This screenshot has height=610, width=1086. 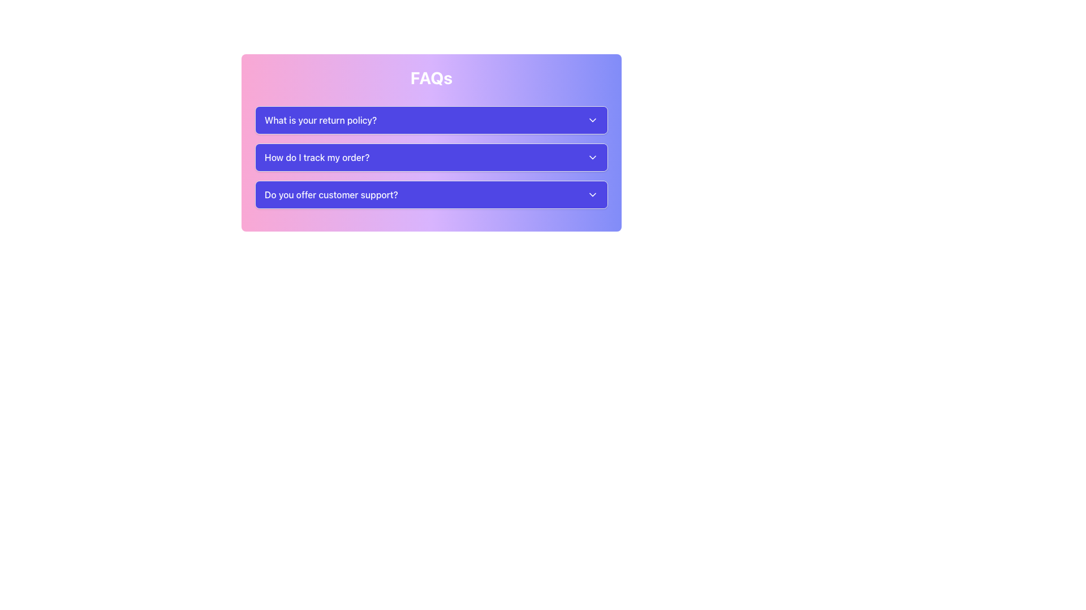 I want to click on the text component of the first blue button in the FAQ section that reveals the answer to a frequently asked question, so click(x=320, y=120).